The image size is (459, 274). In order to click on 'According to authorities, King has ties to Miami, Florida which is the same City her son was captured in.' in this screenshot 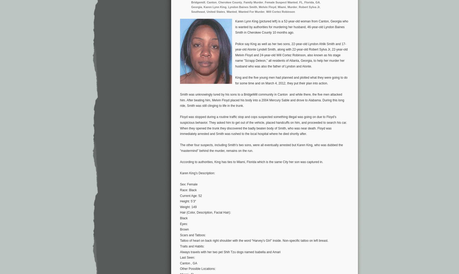, I will do `click(251, 162)`.